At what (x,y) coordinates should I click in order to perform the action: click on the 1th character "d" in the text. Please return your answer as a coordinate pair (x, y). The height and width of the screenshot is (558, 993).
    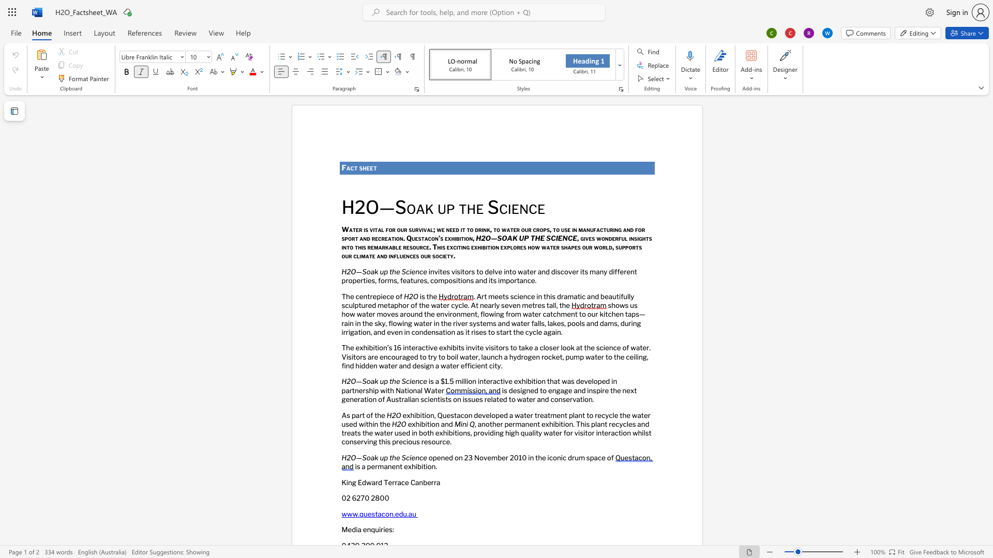
    Looking at the image, I should click on (385, 256).